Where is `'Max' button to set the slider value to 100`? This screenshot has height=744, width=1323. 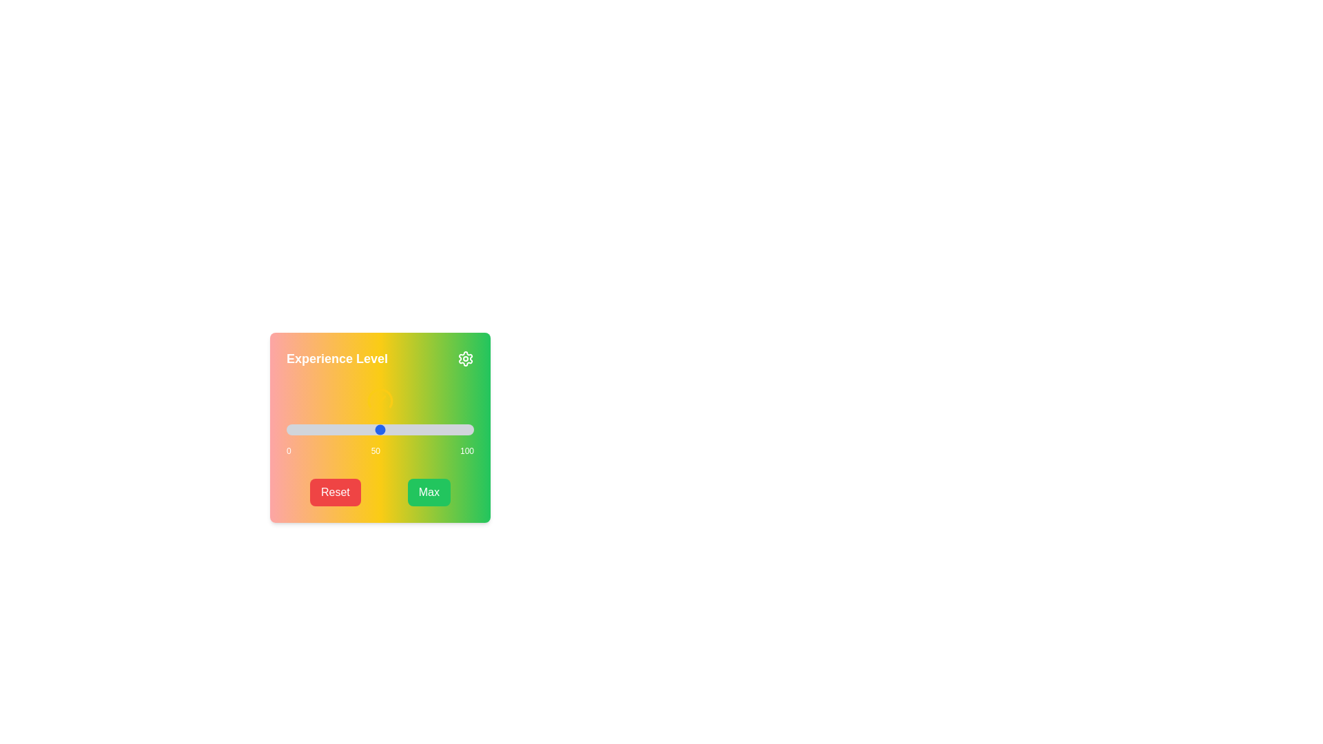 'Max' button to set the slider value to 100 is located at coordinates (428, 491).